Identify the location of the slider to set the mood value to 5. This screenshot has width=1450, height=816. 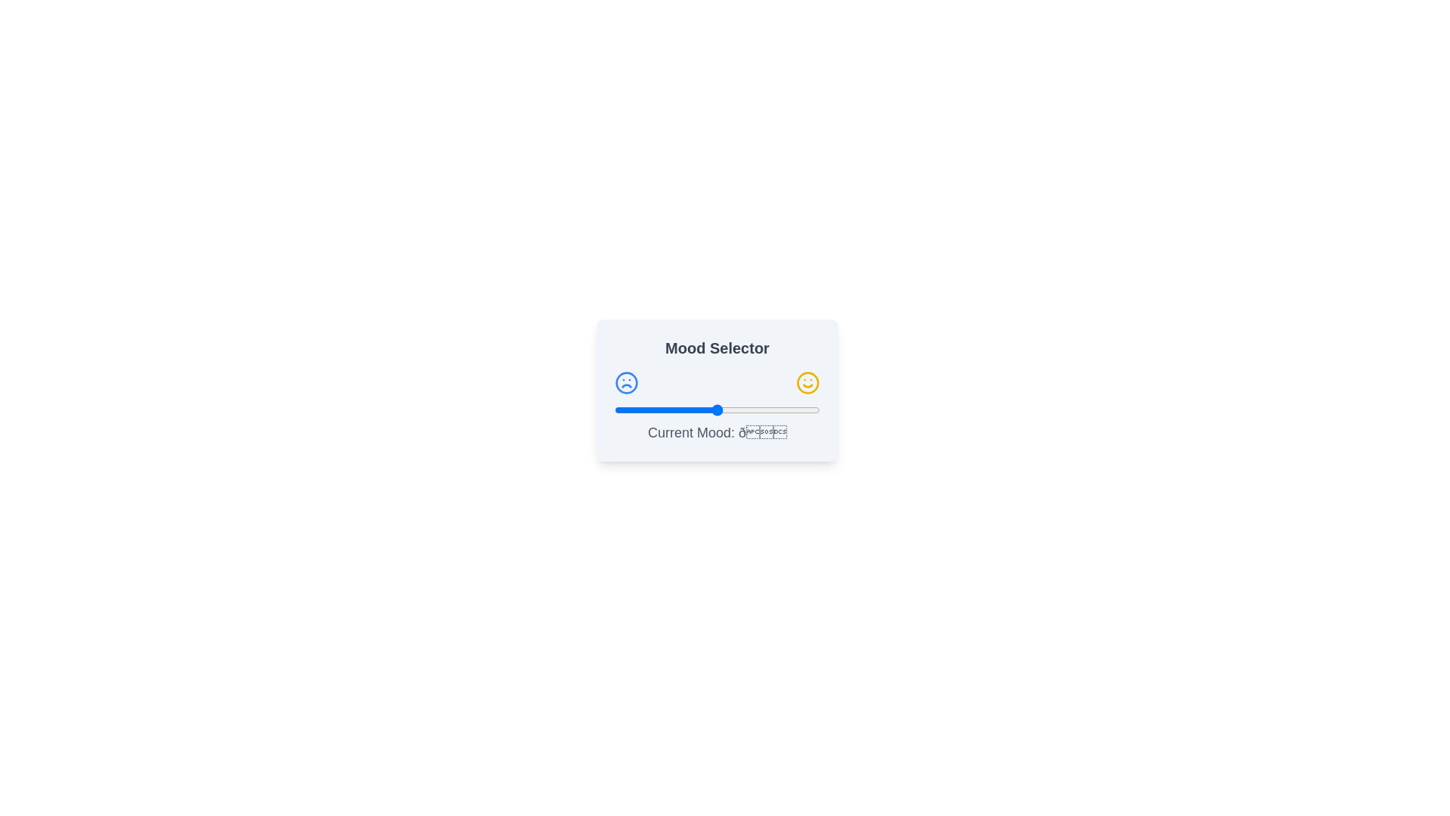
(625, 410).